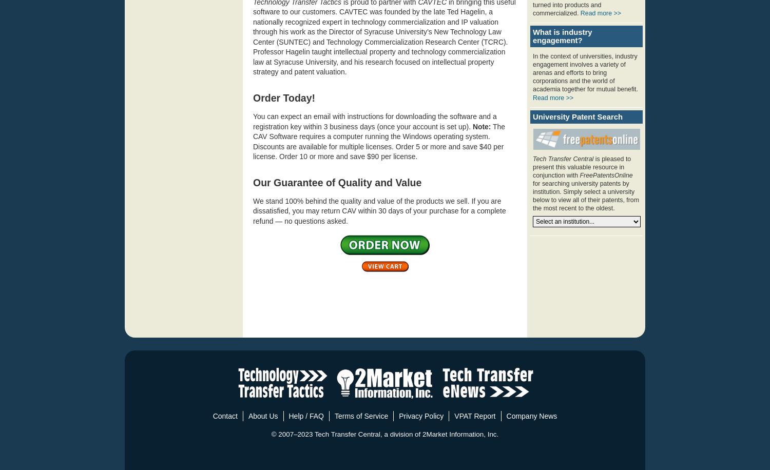 The height and width of the screenshot is (470, 770). I want to click on 'Contact', so click(225, 416).